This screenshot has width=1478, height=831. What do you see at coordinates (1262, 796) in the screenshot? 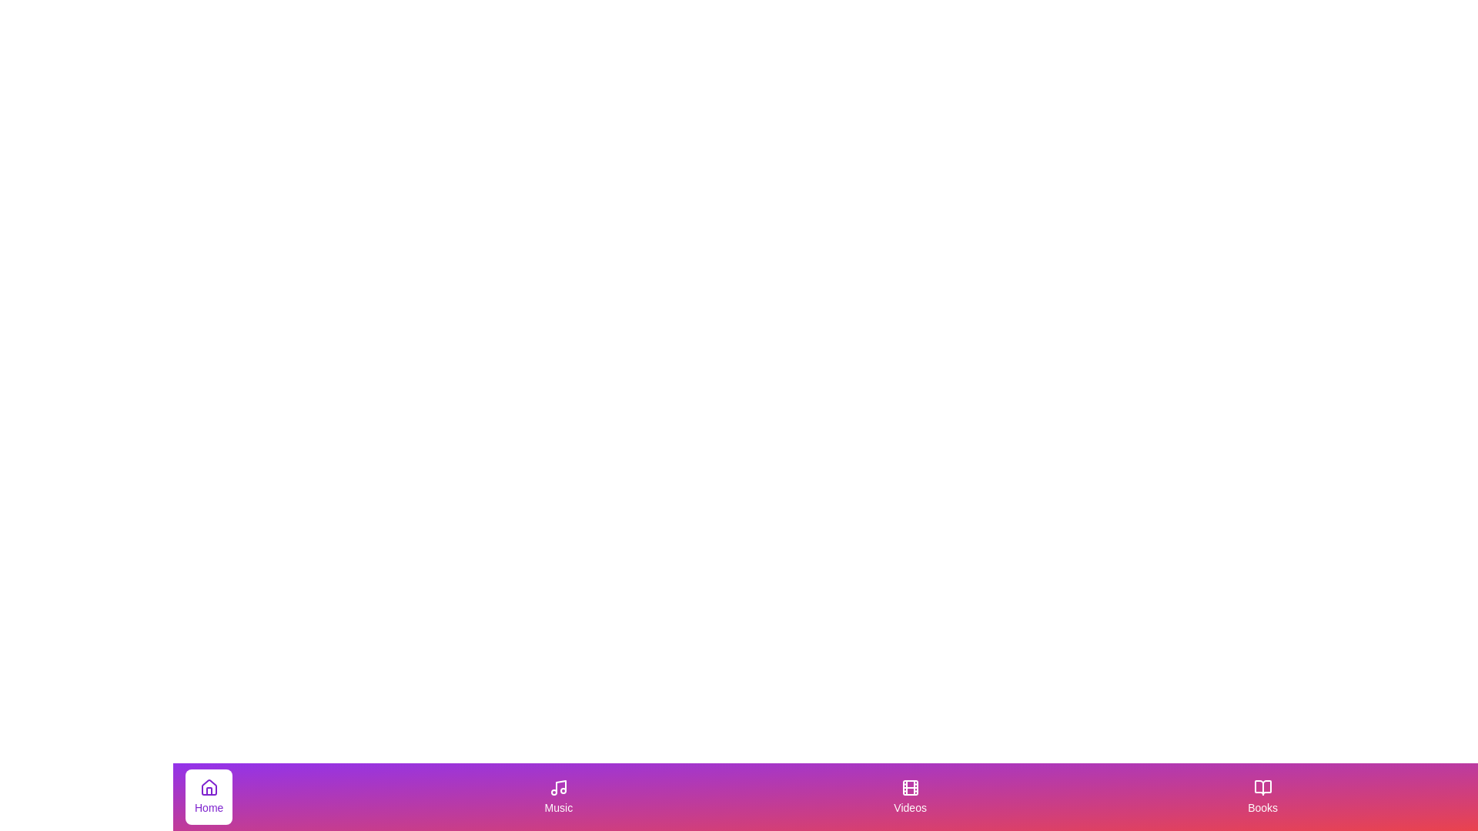
I see `the tab with label Books` at bounding box center [1262, 796].